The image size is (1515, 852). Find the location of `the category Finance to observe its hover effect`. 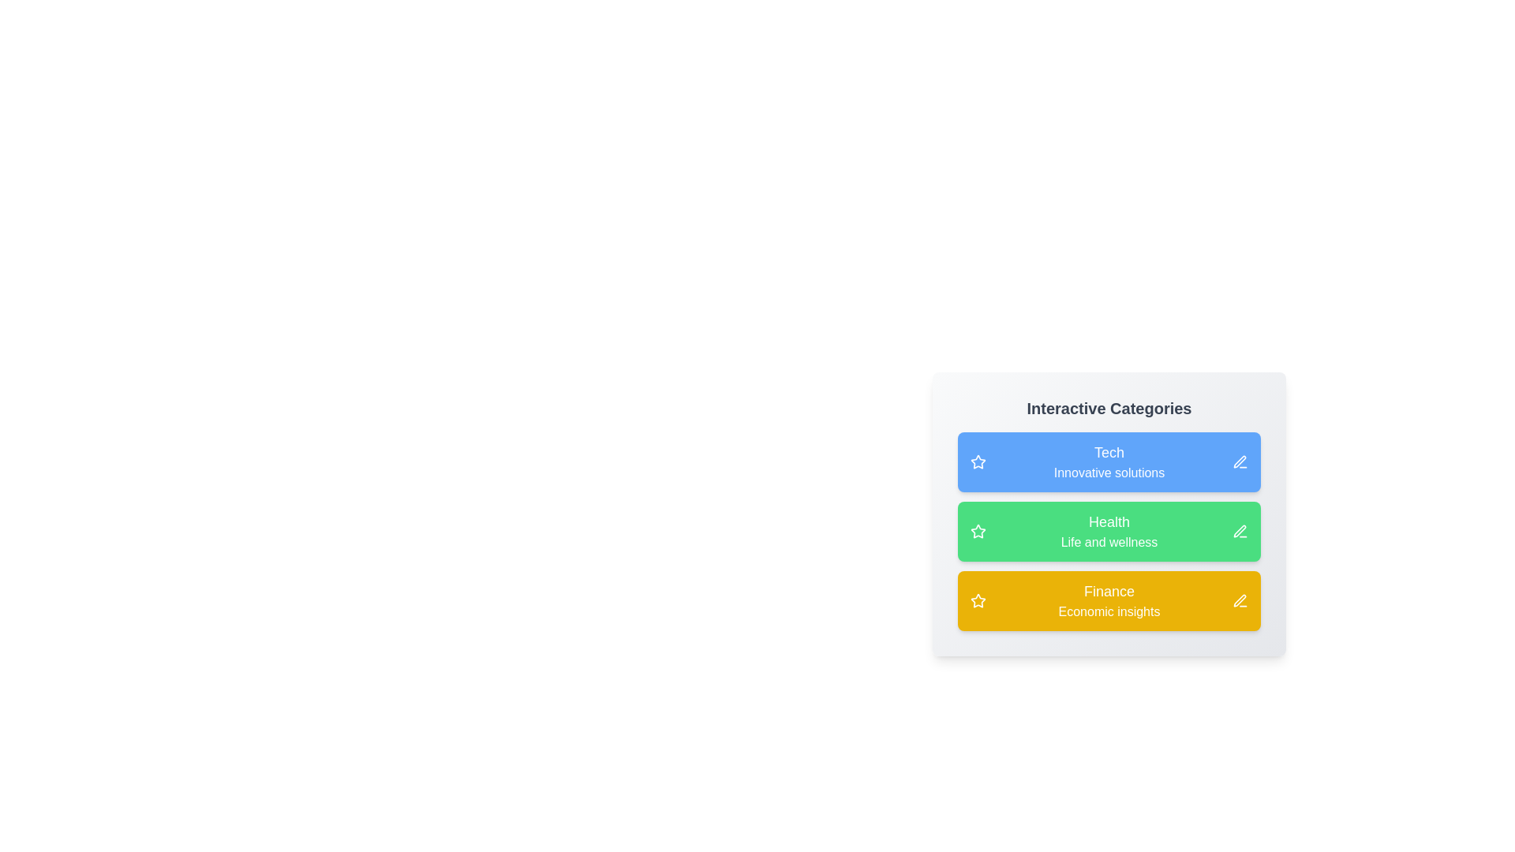

the category Finance to observe its hover effect is located at coordinates (1109, 601).